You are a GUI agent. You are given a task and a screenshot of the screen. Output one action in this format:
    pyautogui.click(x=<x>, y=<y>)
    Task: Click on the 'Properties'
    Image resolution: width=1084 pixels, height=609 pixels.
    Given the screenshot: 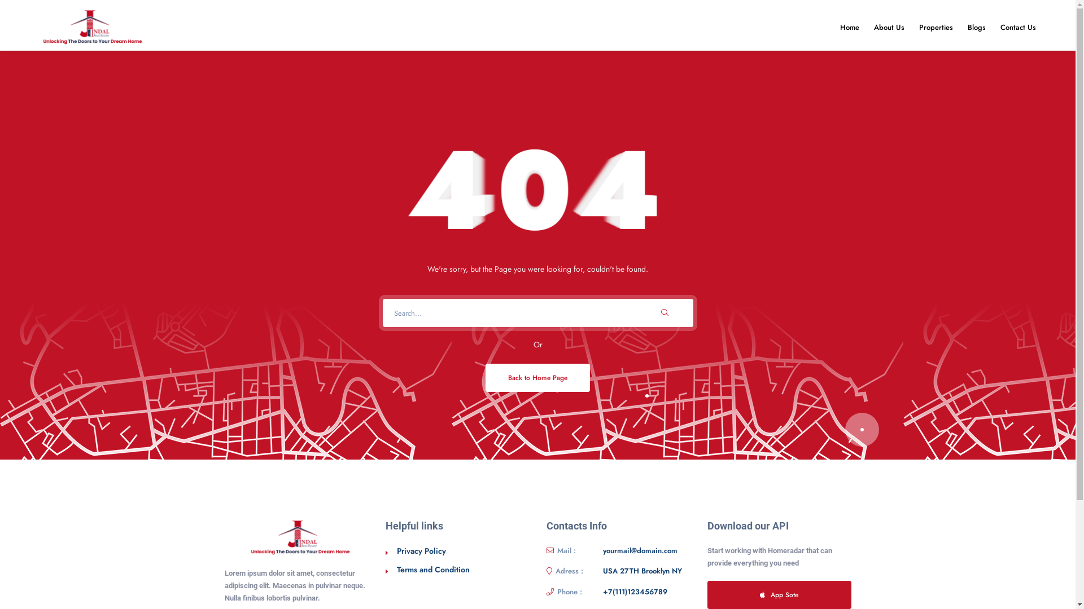 What is the action you would take?
    pyautogui.click(x=936, y=27)
    